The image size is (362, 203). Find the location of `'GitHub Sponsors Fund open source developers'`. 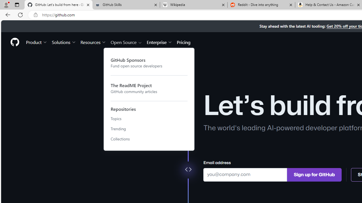

'GitHub Sponsors Fund open source developers' is located at coordinates (149, 63).